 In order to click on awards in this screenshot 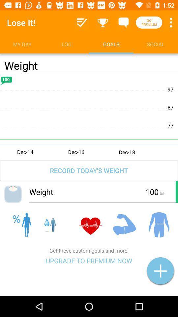, I will do `click(103, 22)`.